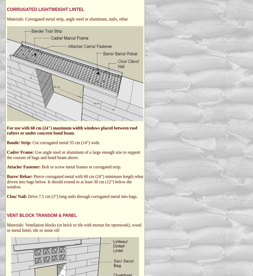  What do you see at coordinates (21, 152) in the screenshot?
I see `'Cadre/ Frame:'` at bounding box center [21, 152].